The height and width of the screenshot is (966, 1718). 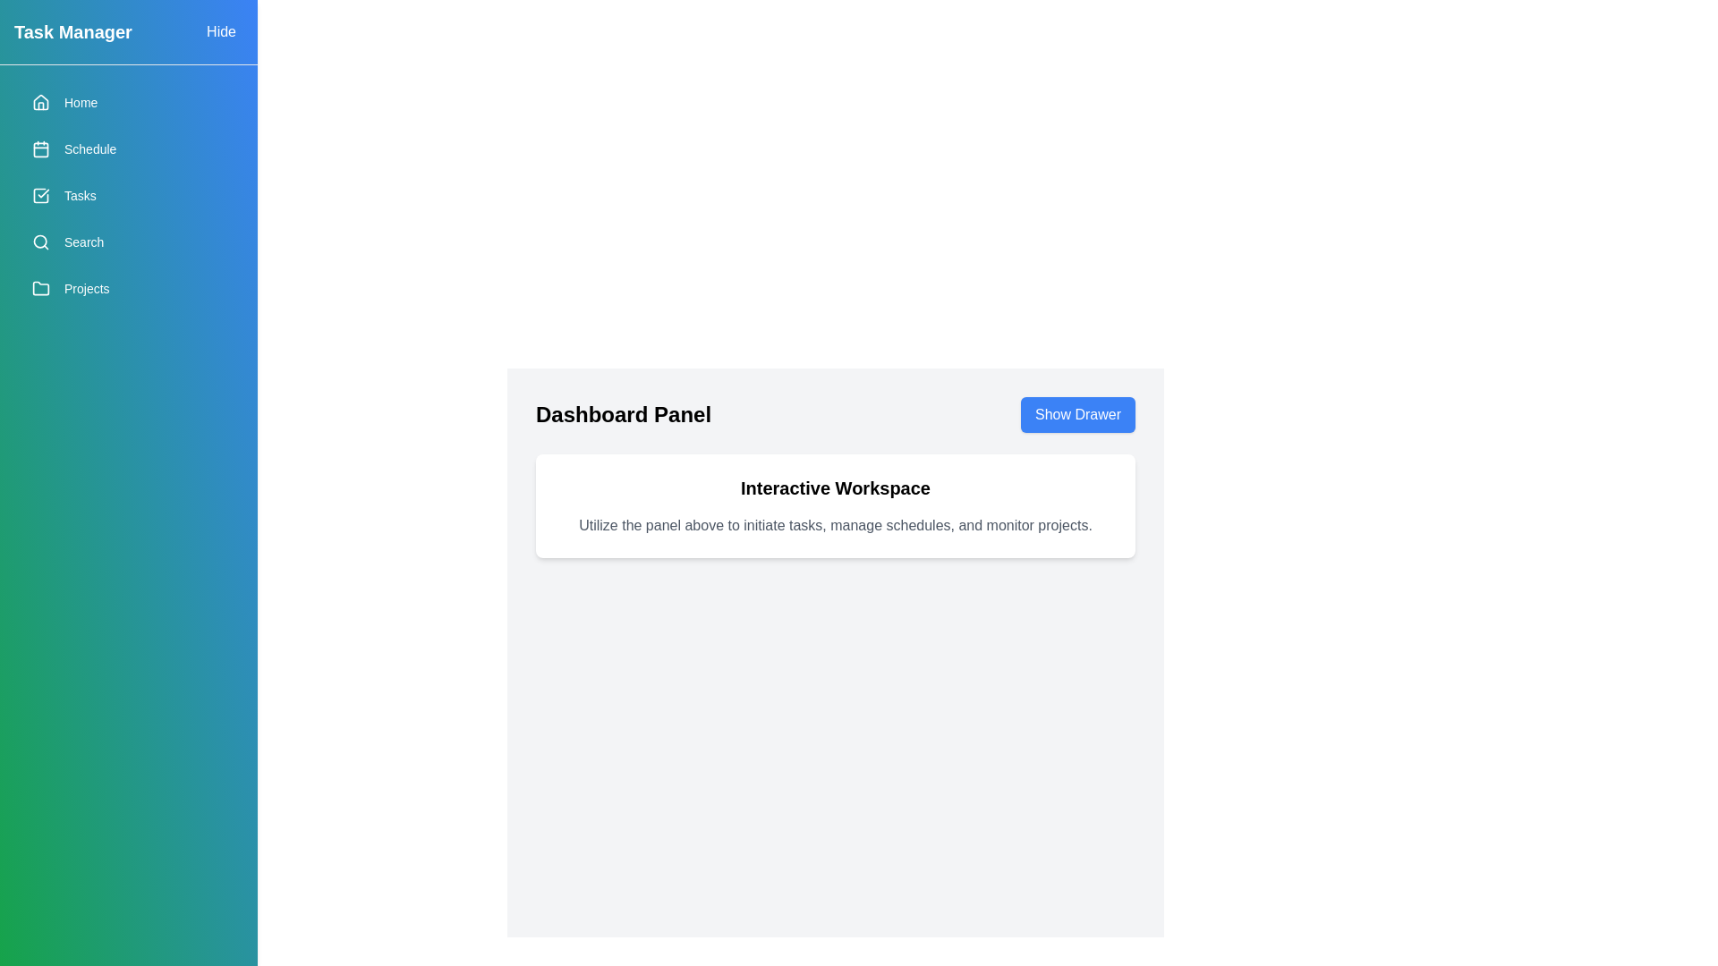 I want to click on the menu item Home from the drawer, so click(x=128, y=103).